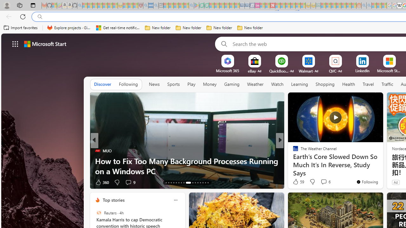 The width and height of the screenshot is (406, 228). Describe the element at coordinates (368, 84) in the screenshot. I see `'Travel'` at that location.